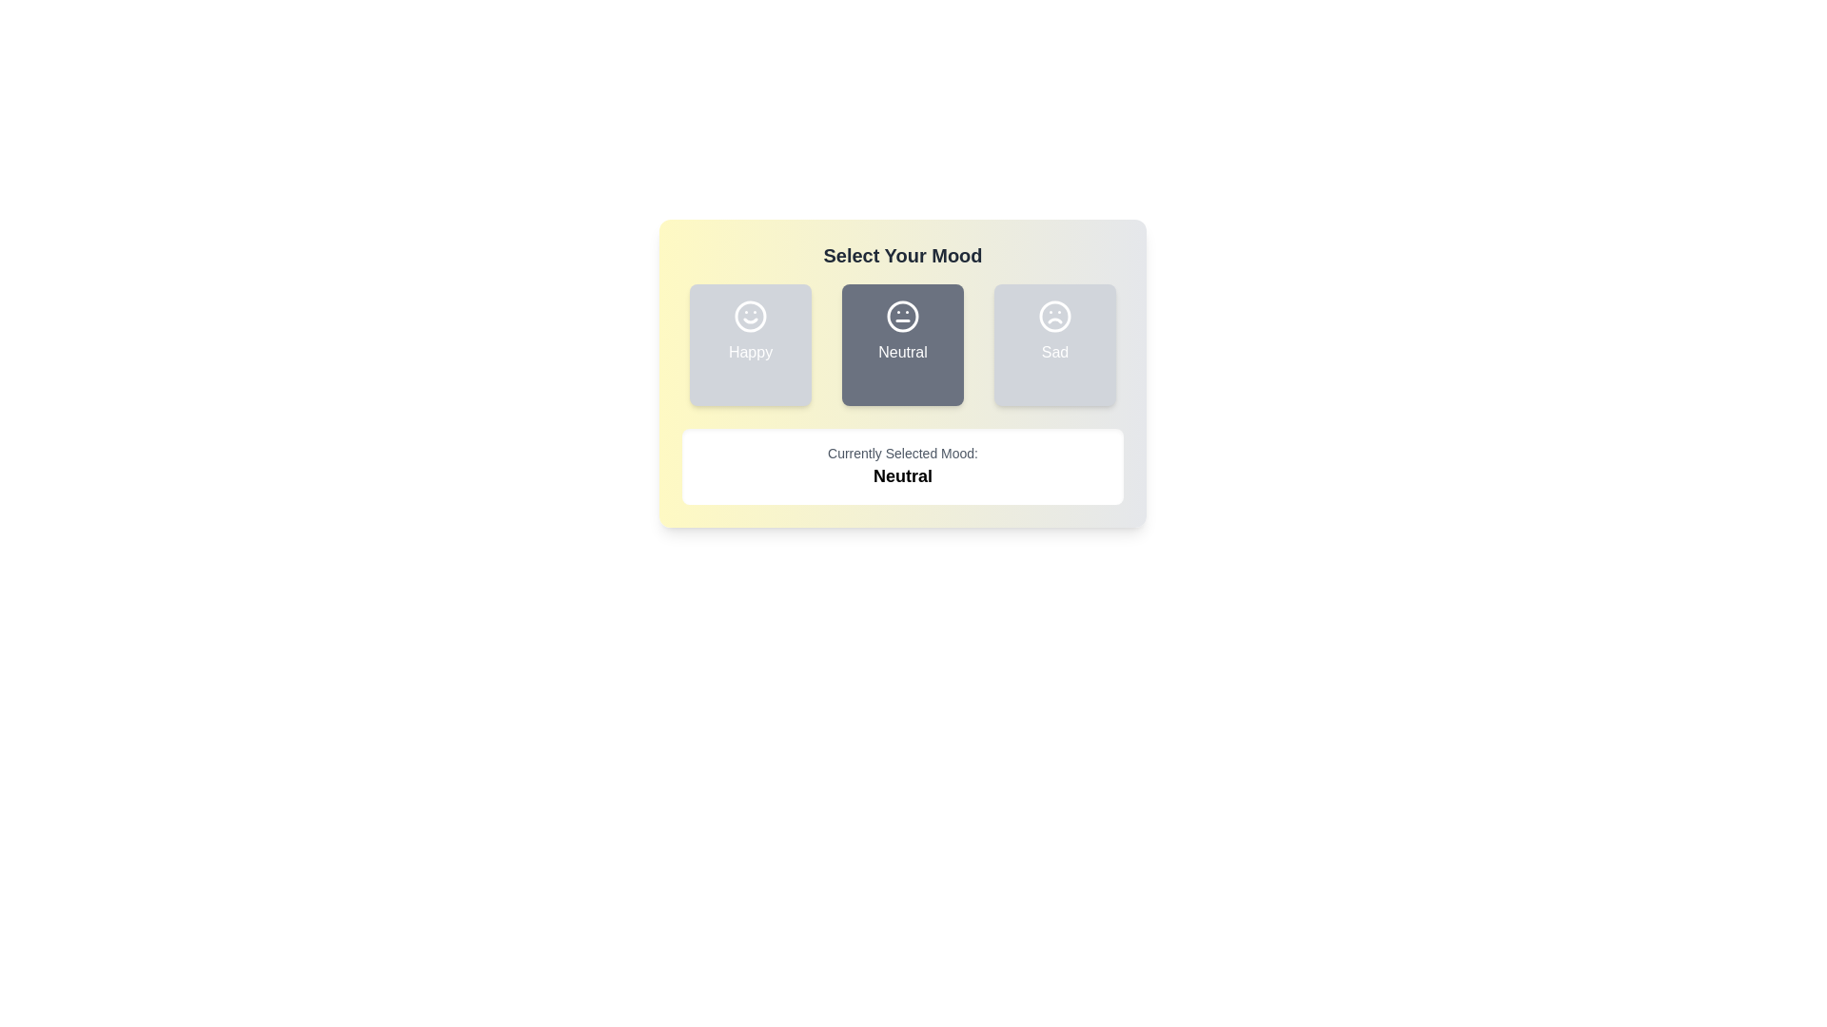  Describe the element at coordinates (902, 344) in the screenshot. I see `the mood button corresponding to Neutral to observe the visual change` at that location.